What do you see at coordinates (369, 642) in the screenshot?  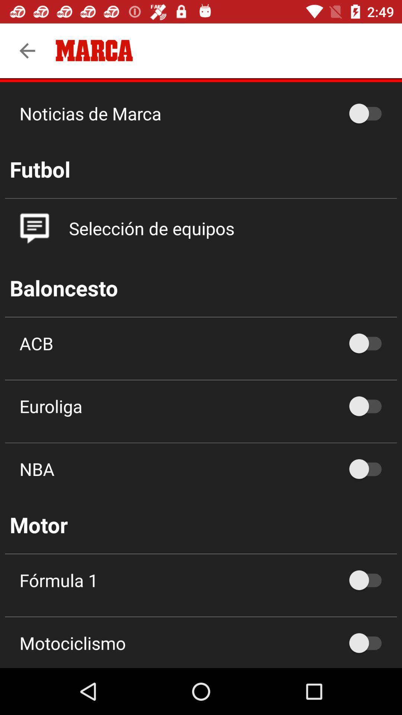 I see `the off option` at bounding box center [369, 642].